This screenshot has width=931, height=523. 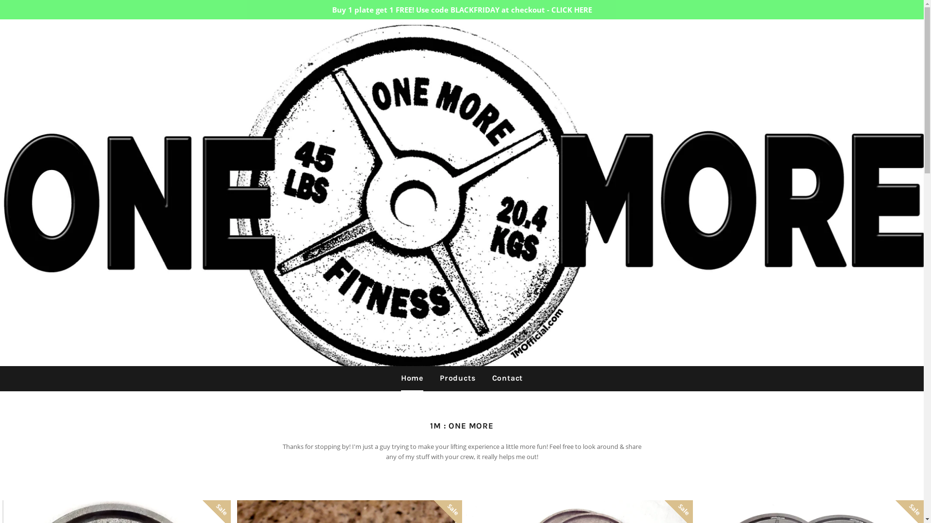 What do you see at coordinates (507, 377) in the screenshot?
I see `'Contact'` at bounding box center [507, 377].